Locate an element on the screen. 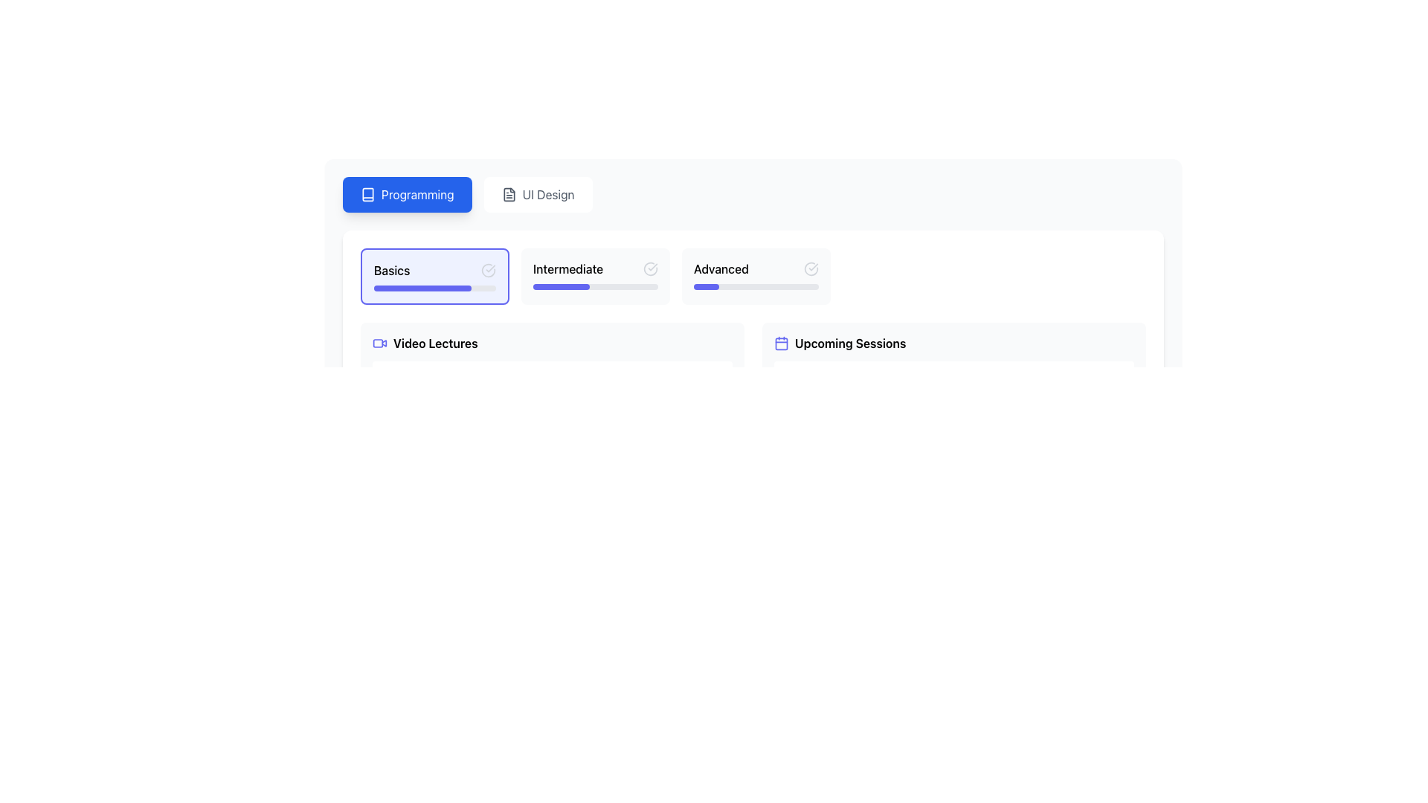 The width and height of the screenshot is (1428, 803). the 'Intermediate' progress level label, which is the middle element in a group of three levels of progress represented by a light-gray background is located at coordinates (596, 269).